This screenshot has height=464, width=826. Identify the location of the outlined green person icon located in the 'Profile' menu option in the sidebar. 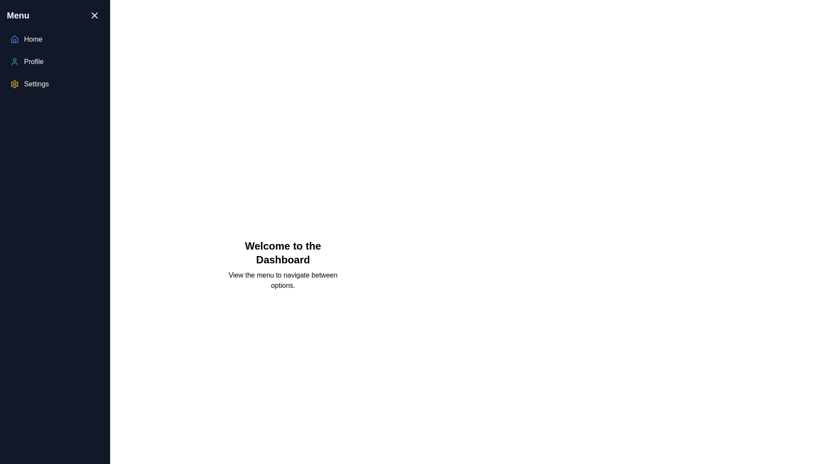
(14, 61).